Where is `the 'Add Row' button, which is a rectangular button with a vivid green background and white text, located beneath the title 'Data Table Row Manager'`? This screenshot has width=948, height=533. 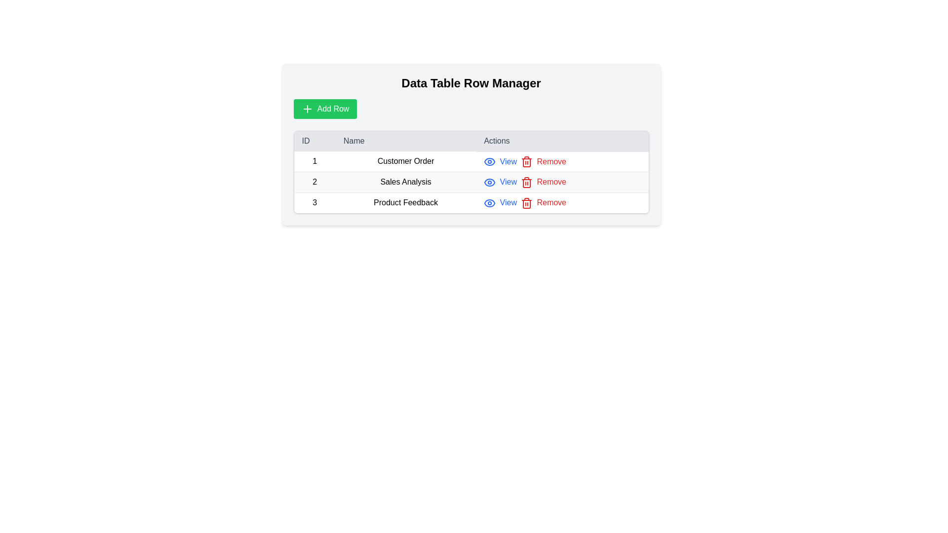 the 'Add Row' button, which is a rectangular button with a vivid green background and white text, located beneath the title 'Data Table Row Manager' is located at coordinates (325, 109).